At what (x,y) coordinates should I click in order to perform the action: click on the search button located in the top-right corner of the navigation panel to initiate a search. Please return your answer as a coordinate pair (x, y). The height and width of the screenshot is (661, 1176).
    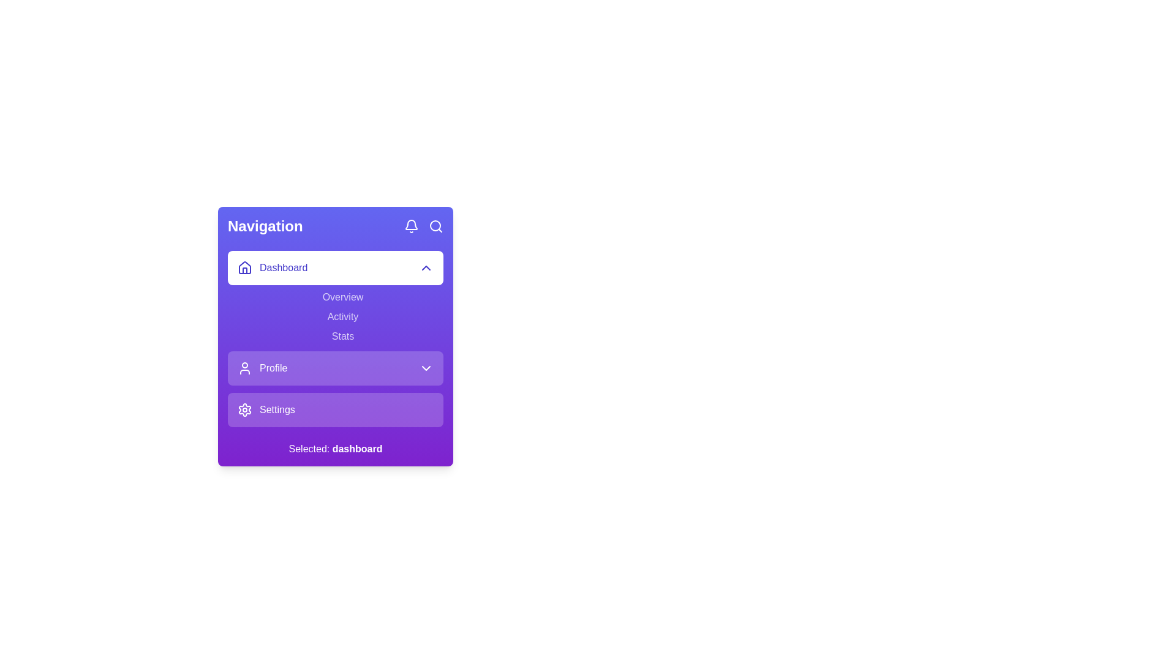
    Looking at the image, I should click on (435, 226).